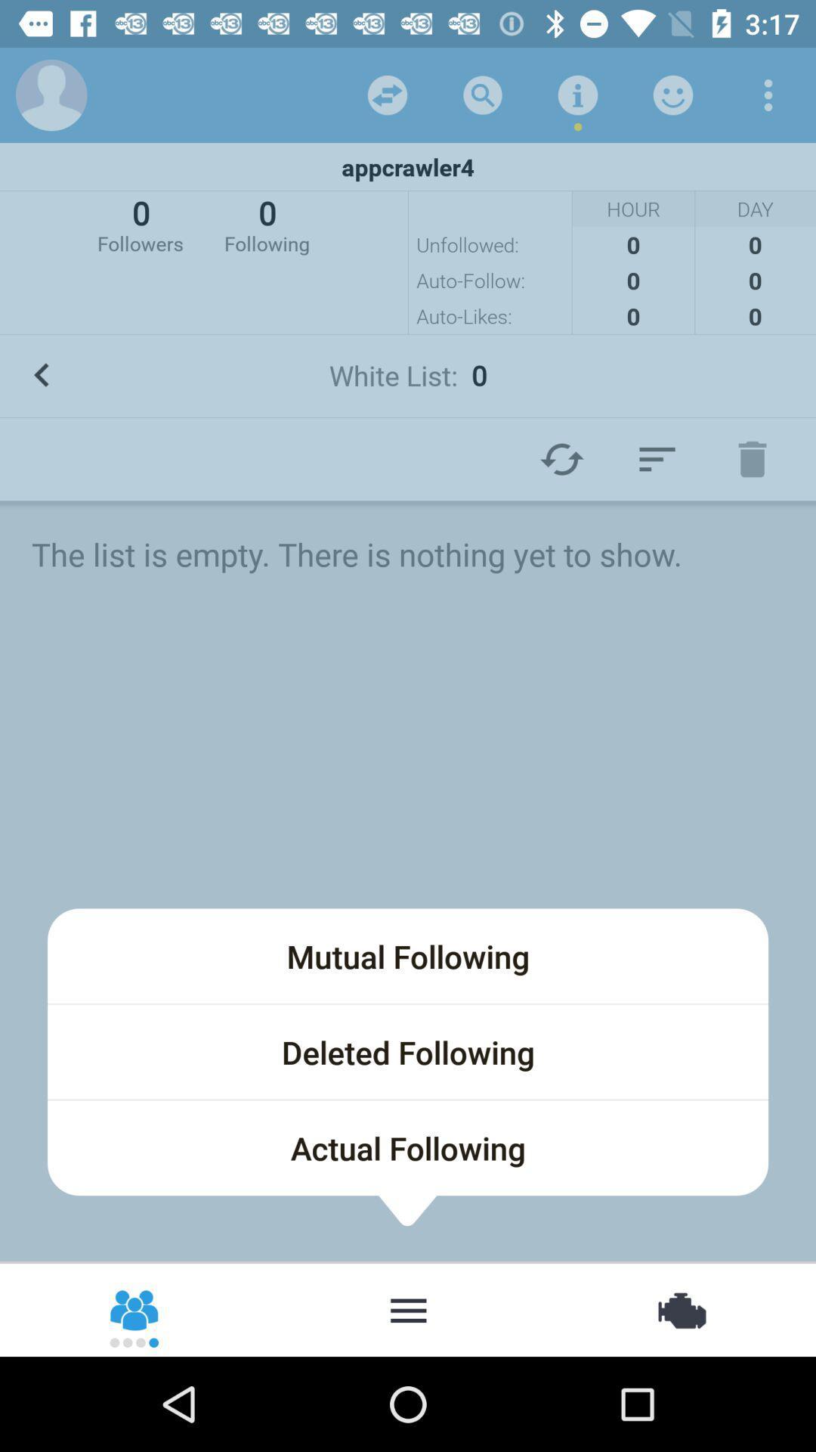 This screenshot has height=1452, width=816. I want to click on previous page, so click(41, 375).